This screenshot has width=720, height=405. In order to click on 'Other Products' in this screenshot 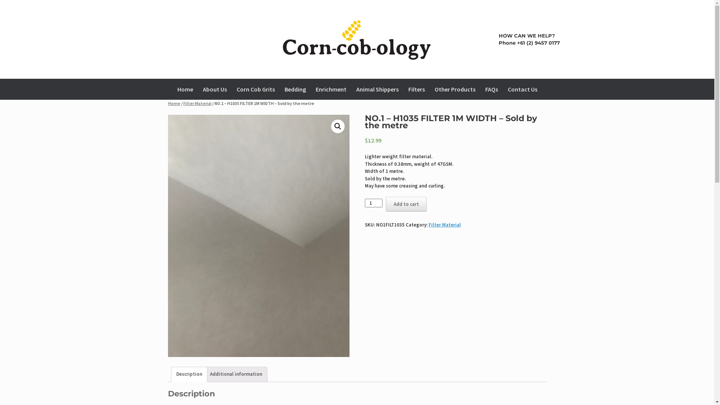, I will do `click(454, 89)`.